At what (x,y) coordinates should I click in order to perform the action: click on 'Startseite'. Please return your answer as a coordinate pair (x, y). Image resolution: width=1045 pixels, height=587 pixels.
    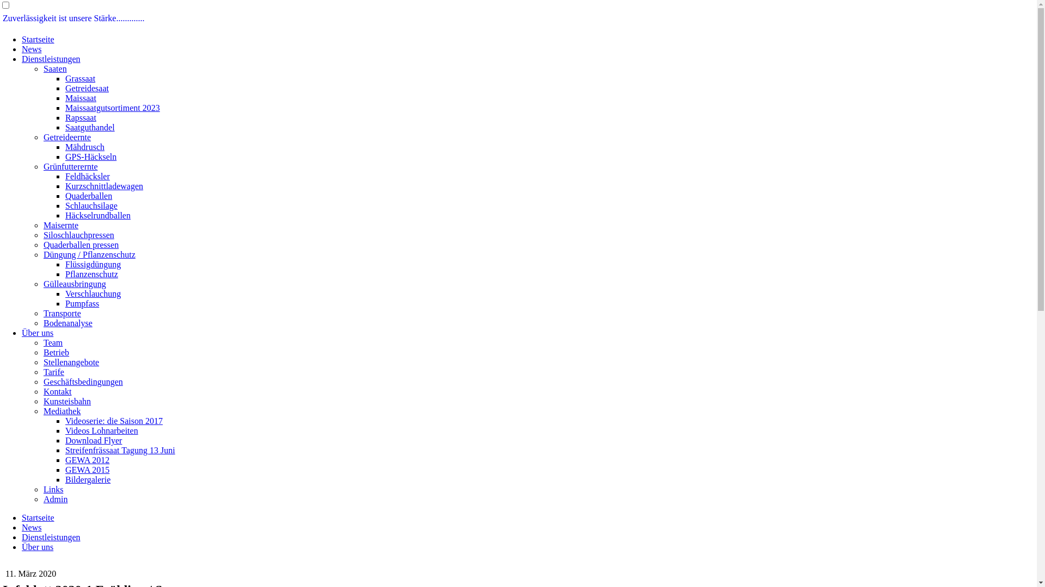
    Looking at the image, I should click on (38, 517).